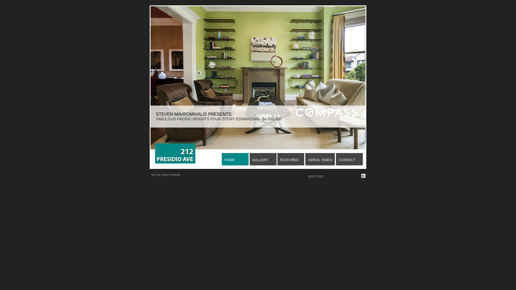  What do you see at coordinates (363, 176) in the screenshot?
I see `'play'` at bounding box center [363, 176].